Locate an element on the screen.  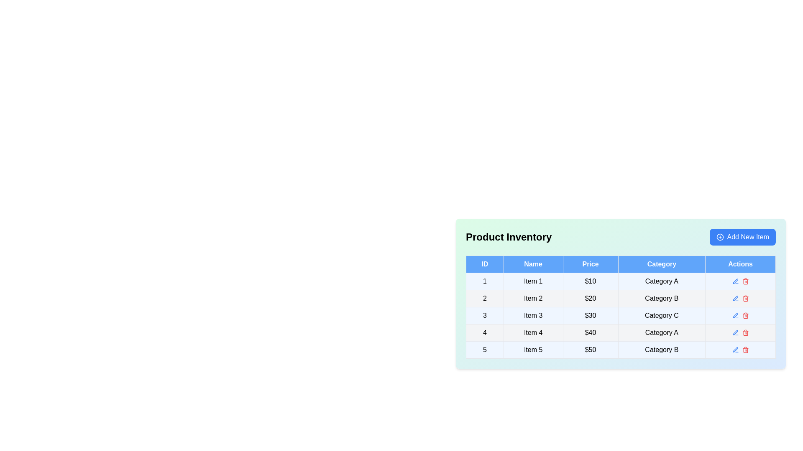
the table cell in the fourth column of the third row of the 'Product Inventory' table is located at coordinates (661, 316).